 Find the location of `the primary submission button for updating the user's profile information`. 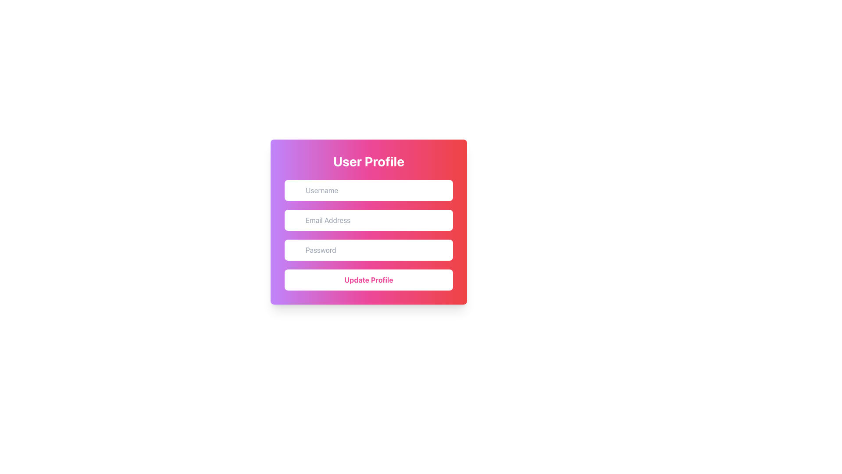

the primary submission button for updating the user's profile information is located at coordinates (368, 280).